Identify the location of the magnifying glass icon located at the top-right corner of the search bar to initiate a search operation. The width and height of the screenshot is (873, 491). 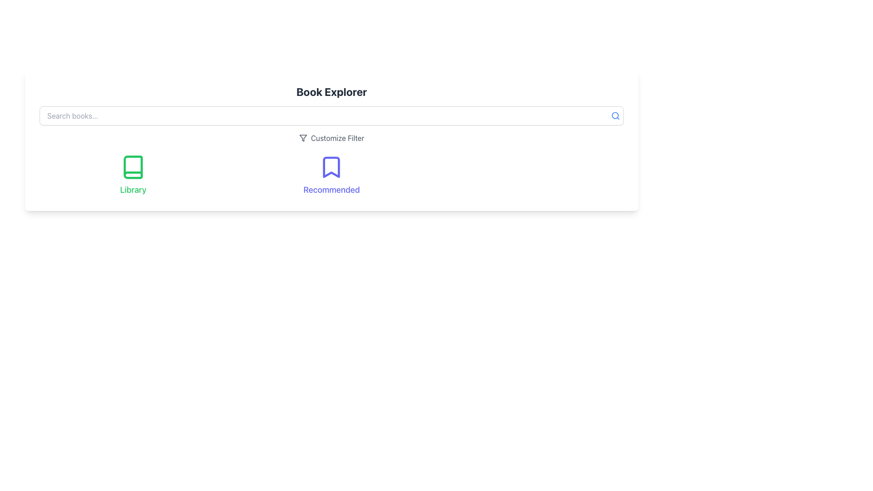
(615, 115).